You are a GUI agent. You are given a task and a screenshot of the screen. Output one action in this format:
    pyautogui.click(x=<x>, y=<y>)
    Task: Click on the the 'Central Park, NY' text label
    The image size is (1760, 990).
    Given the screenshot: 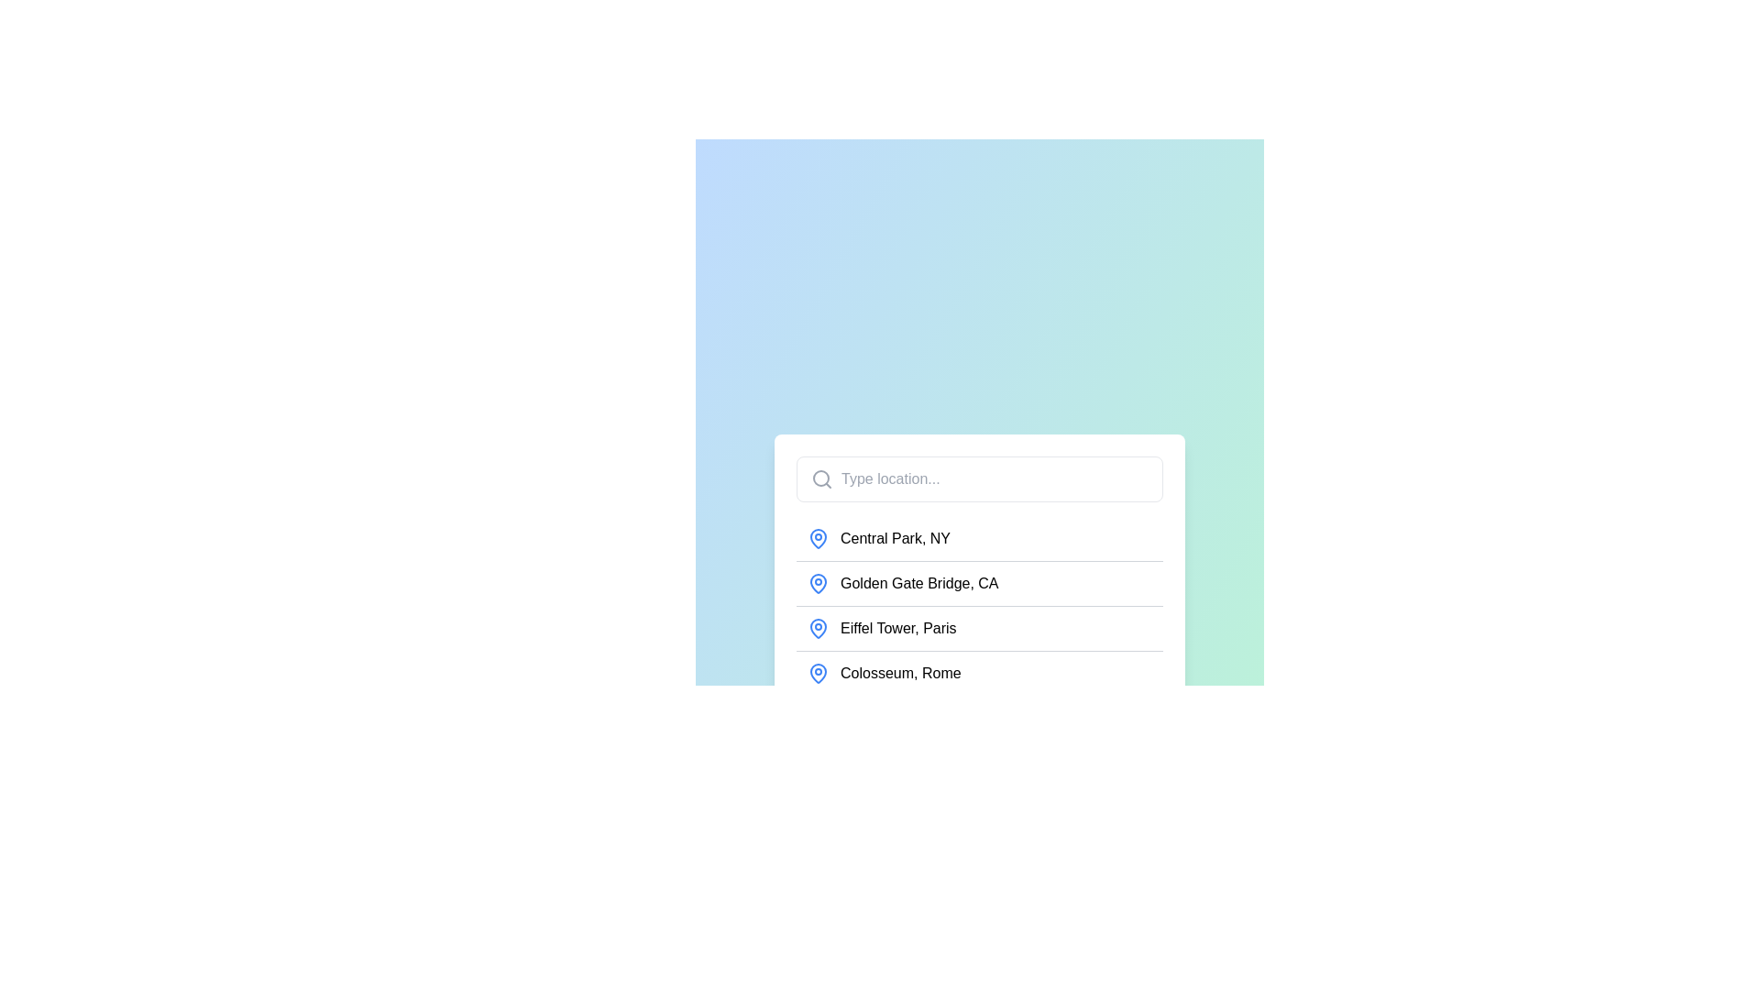 What is the action you would take?
    pyautogui.click(x=896, y=537)
    